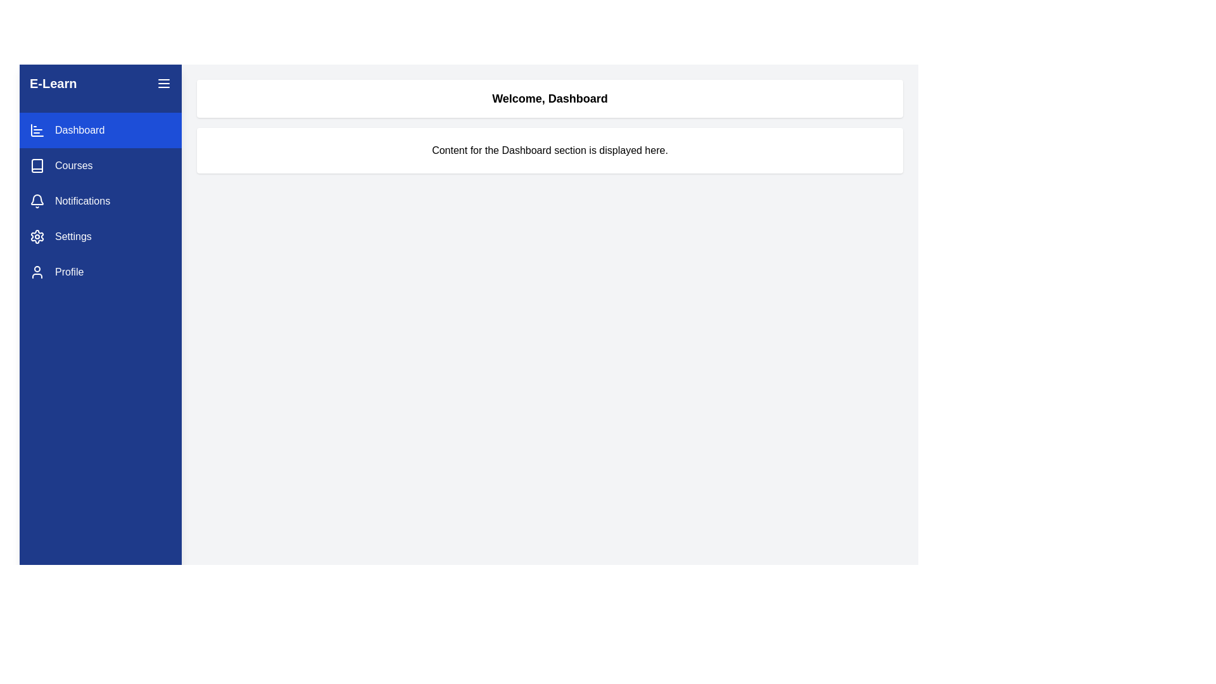 This screenshot has width=1216, height=684. Describe the element at coordinates (37, 271) in the screenshot. I see `the user profile icon located in the sidebar navigation panel, which has a circular head and simplified torso` at that location.